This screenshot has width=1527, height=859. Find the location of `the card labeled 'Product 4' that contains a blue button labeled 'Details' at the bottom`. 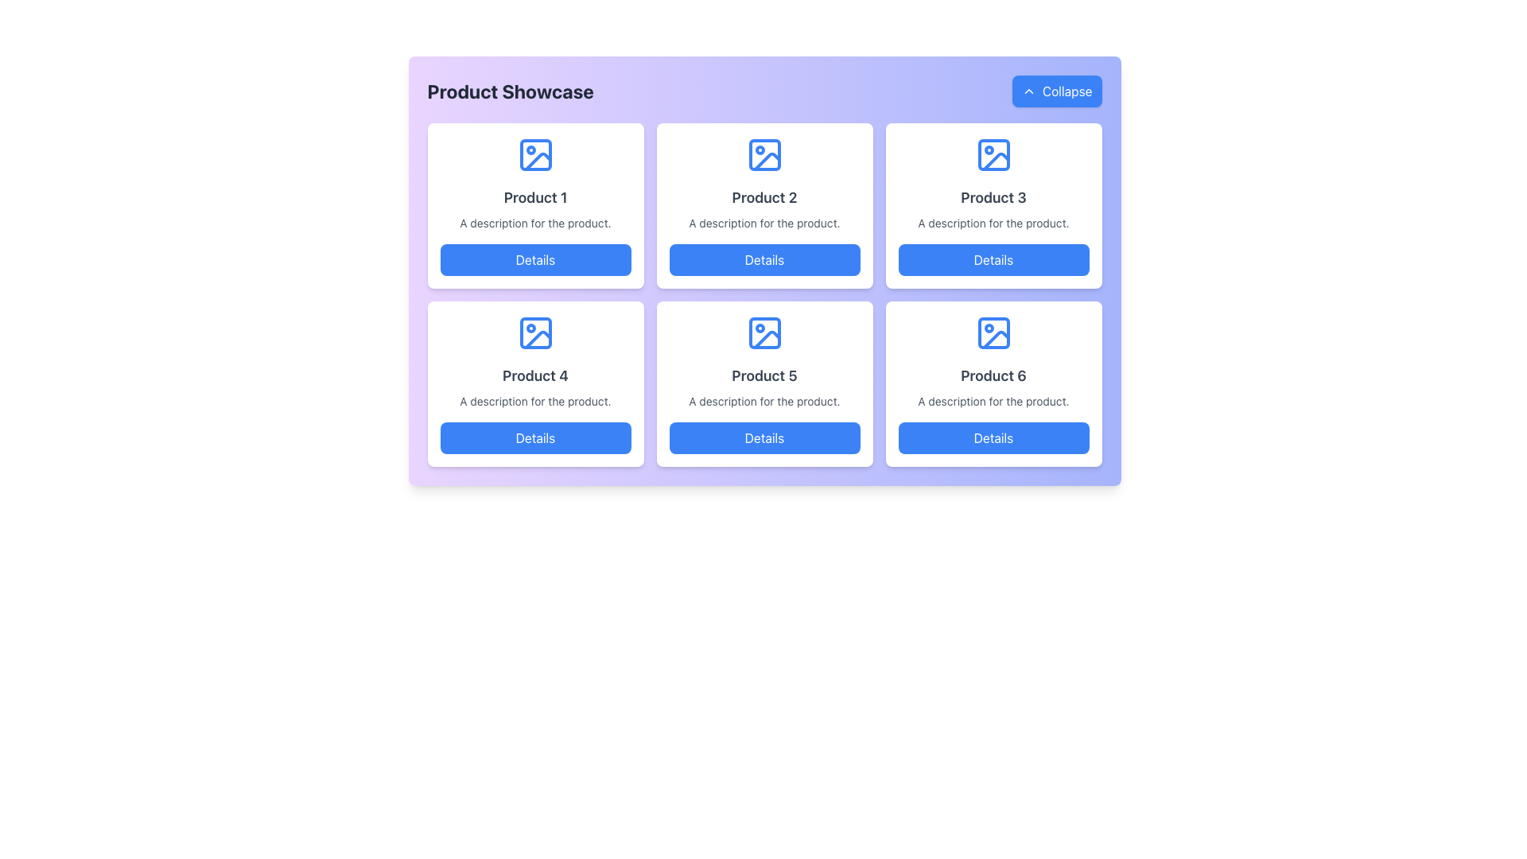

the card labeled 'Product 4' that contains a blue button labeled 'Details' at the bottom is located at coordinates (535, 383).